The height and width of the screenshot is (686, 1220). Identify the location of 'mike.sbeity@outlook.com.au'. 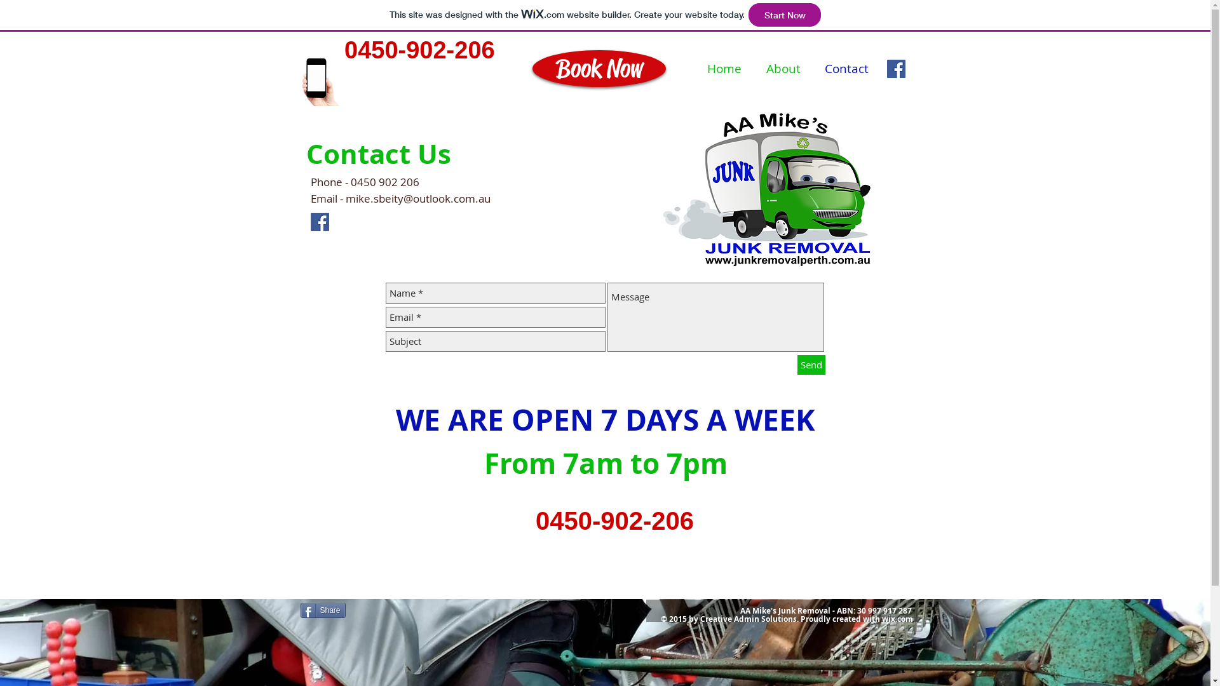
(417, 198).